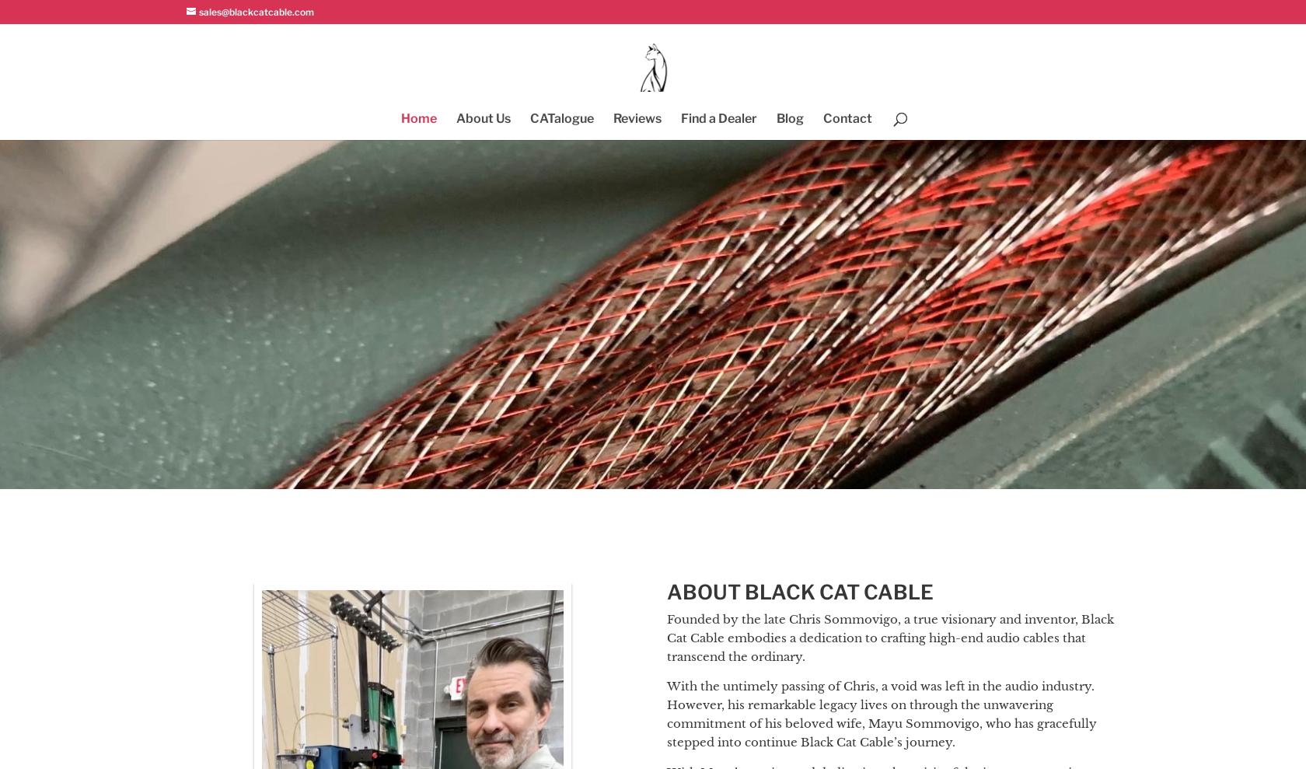 This screenshot has height=769, width=1306. I want to click on 'Founded by the late Chris Sommovigo, a true visionary and inventor, Black Cat Cable embodies a dedication to crafting high-end audio cables that transcend the ordinary.', so click(890, 636).